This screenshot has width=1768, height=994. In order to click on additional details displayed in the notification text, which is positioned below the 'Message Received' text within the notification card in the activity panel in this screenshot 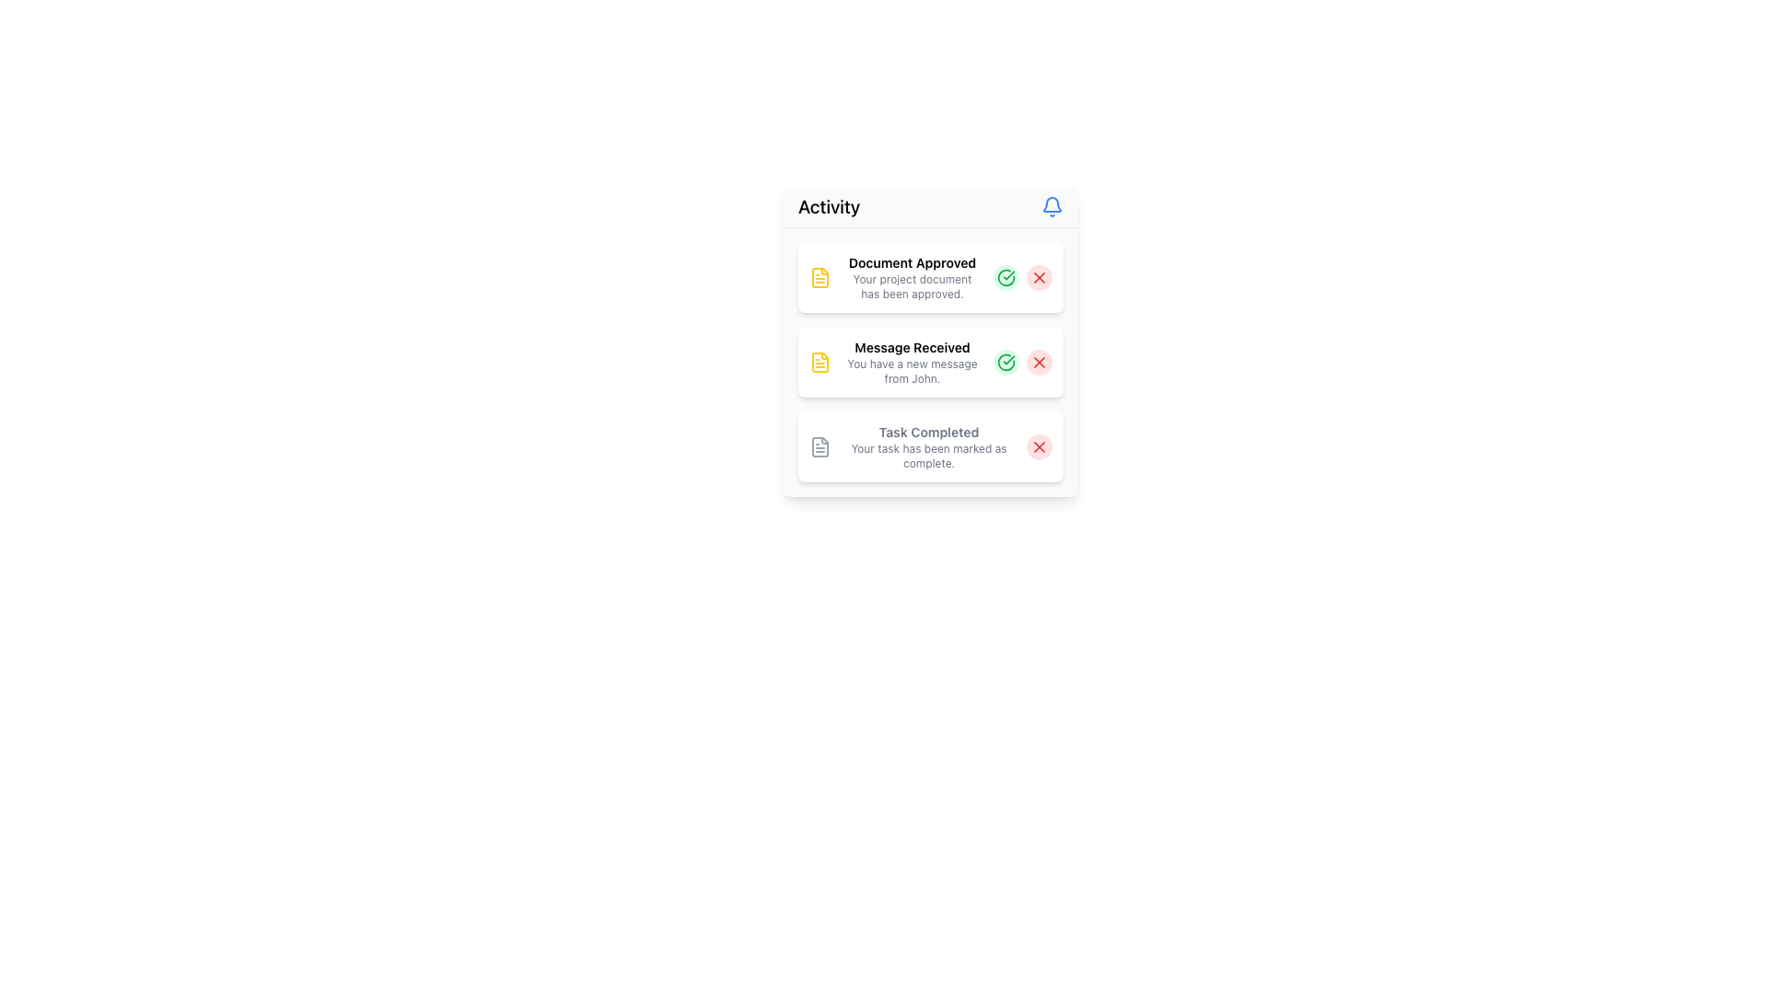, I will do `click(912, 372)`.